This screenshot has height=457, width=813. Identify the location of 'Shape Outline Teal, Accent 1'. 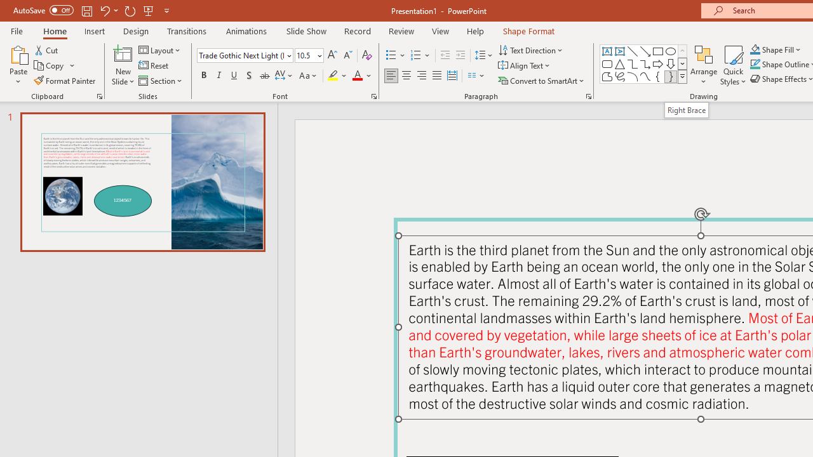
(755, 64).